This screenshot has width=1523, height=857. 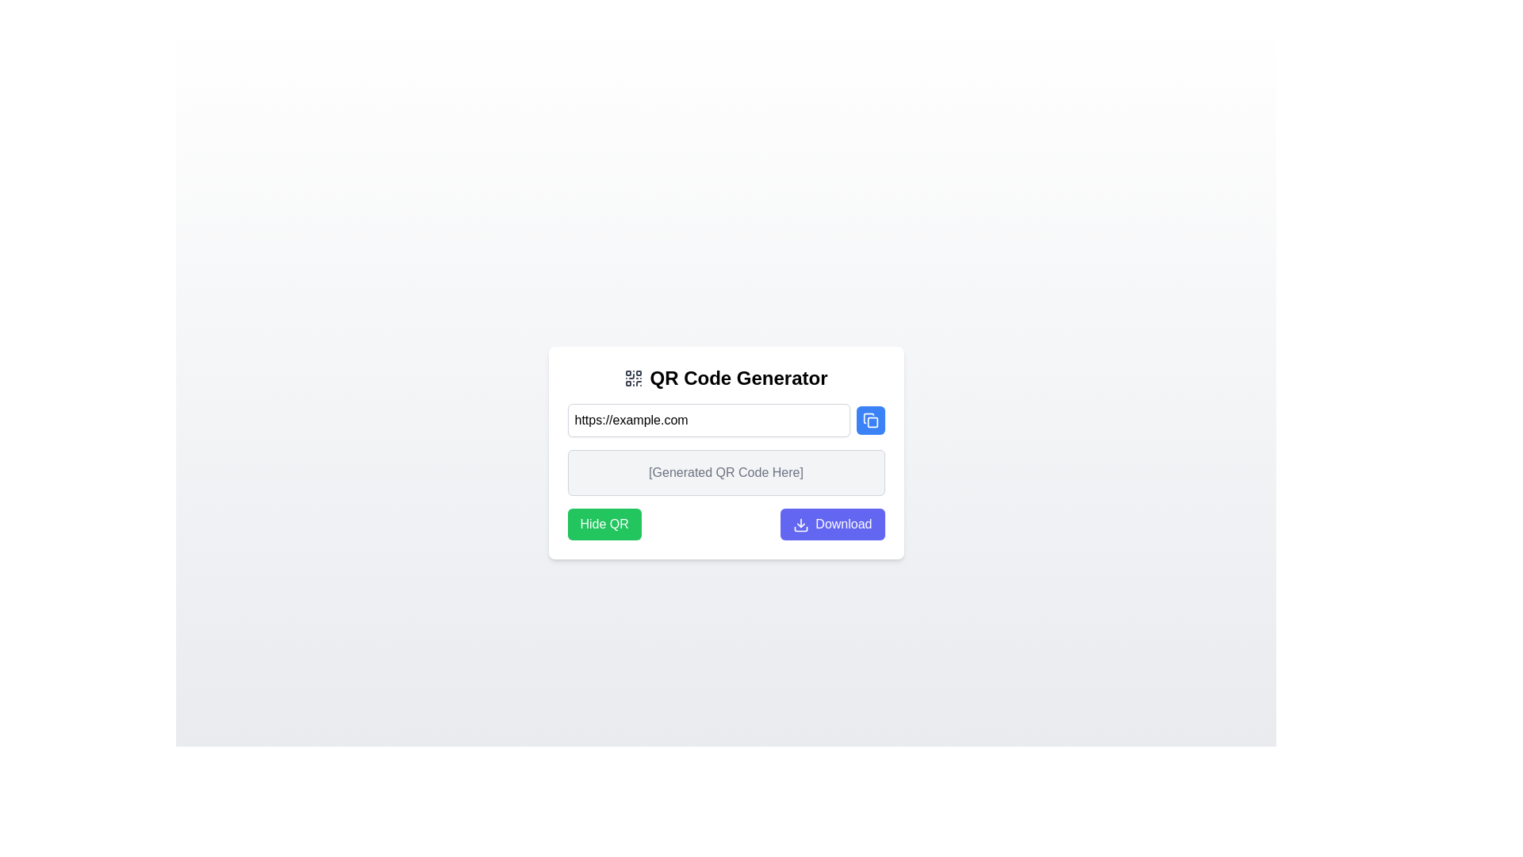 I want to click on the rectangular button with a green background and white text that says 'Hide QR', so click(x=604, y=524).